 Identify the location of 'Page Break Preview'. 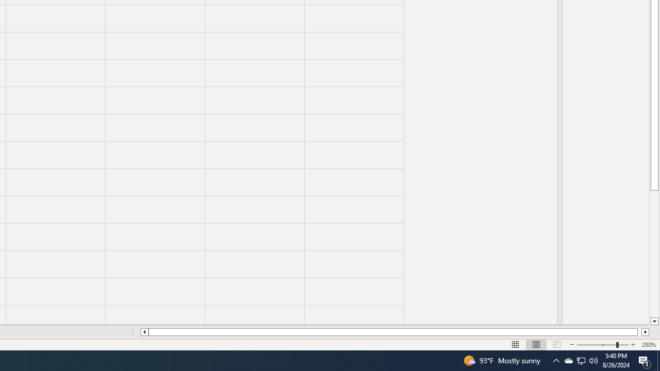
(556, 345).